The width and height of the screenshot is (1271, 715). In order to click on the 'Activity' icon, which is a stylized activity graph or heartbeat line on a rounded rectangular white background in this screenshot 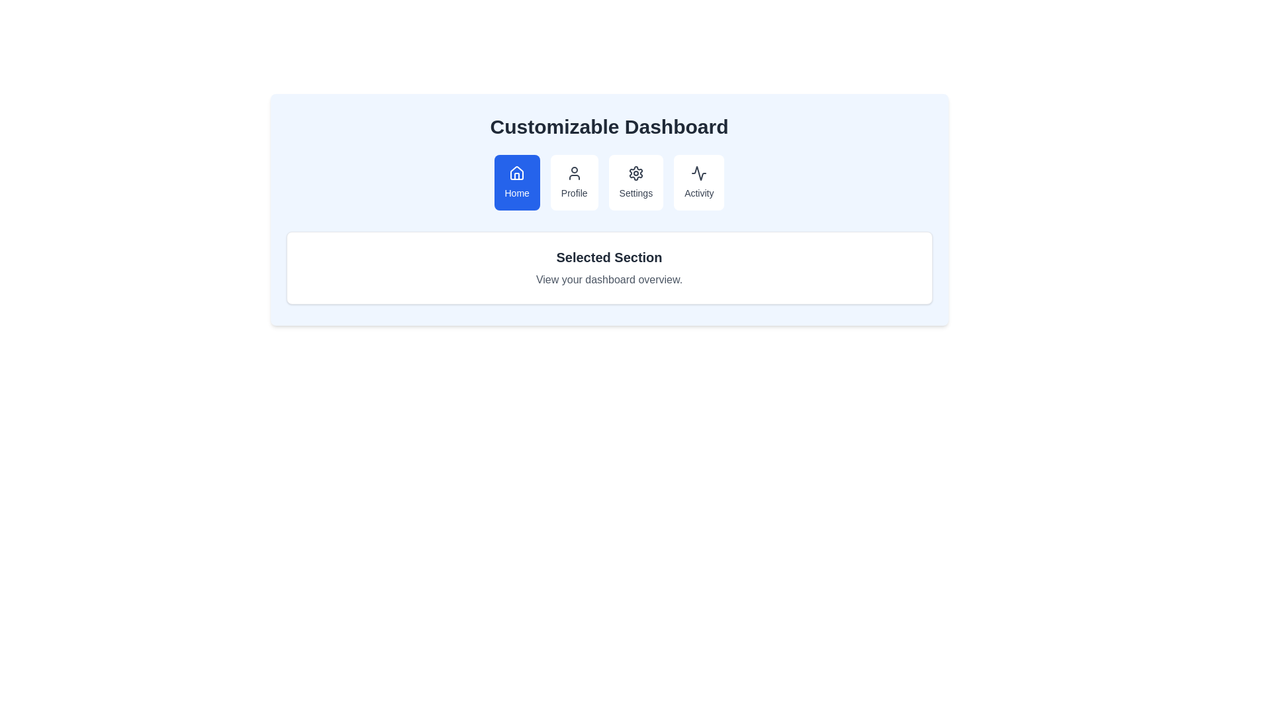, I will do `click(698, 173)`.